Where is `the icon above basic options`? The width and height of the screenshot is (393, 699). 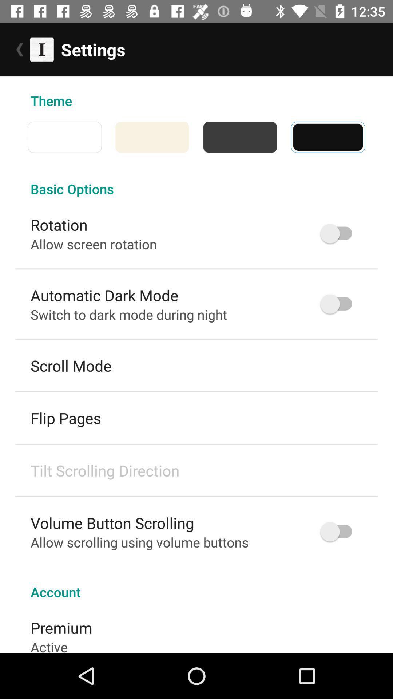
the icon above basic options is located at coordinates (108, 137).